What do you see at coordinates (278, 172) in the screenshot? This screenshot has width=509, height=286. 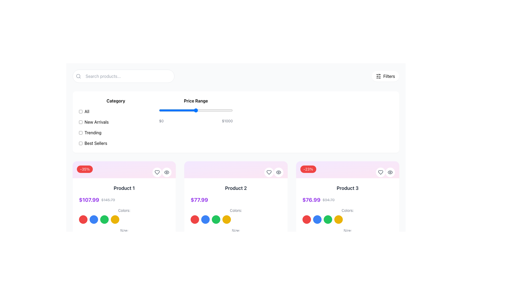 I see `the button located in the top-right corner of the card for 'Product 2'` at bounding box center [278, 172].